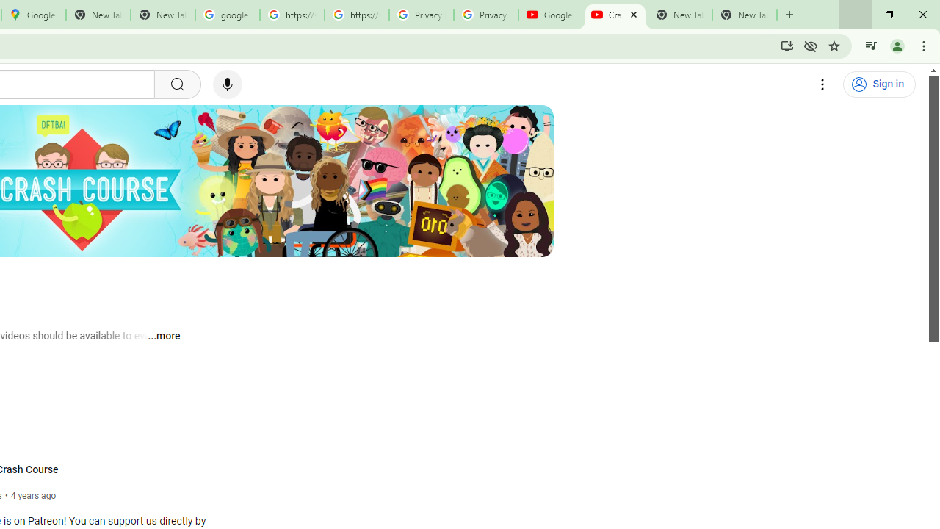  What do you see at coordinates (888, 15) in the screenshot?
I see `'Restore'` at bounding box center [888, 15].